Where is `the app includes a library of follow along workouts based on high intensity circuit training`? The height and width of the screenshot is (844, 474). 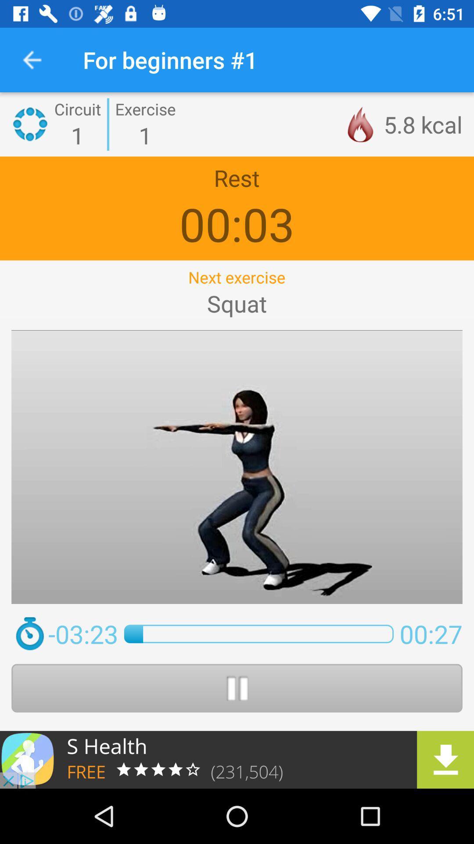 the app includes a library of follow along workouts based on high intensity circuit training is located at coordinates (237, 759).